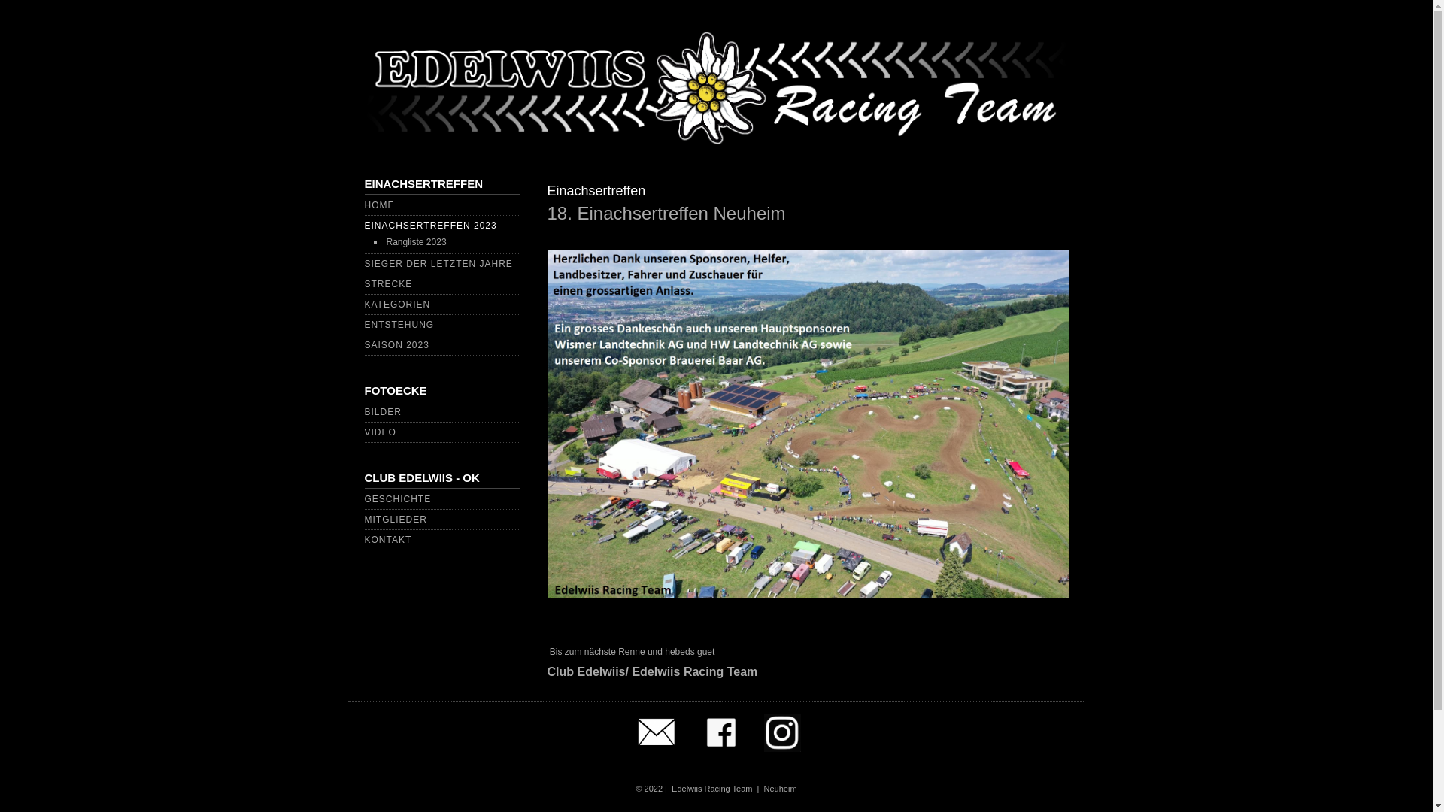 Image resolution: width=1444 pixels, height=812 pixels. Describe the element at coordinates (397, 304) in the screenshot. I see `'KATEGORIEN'` at that location.